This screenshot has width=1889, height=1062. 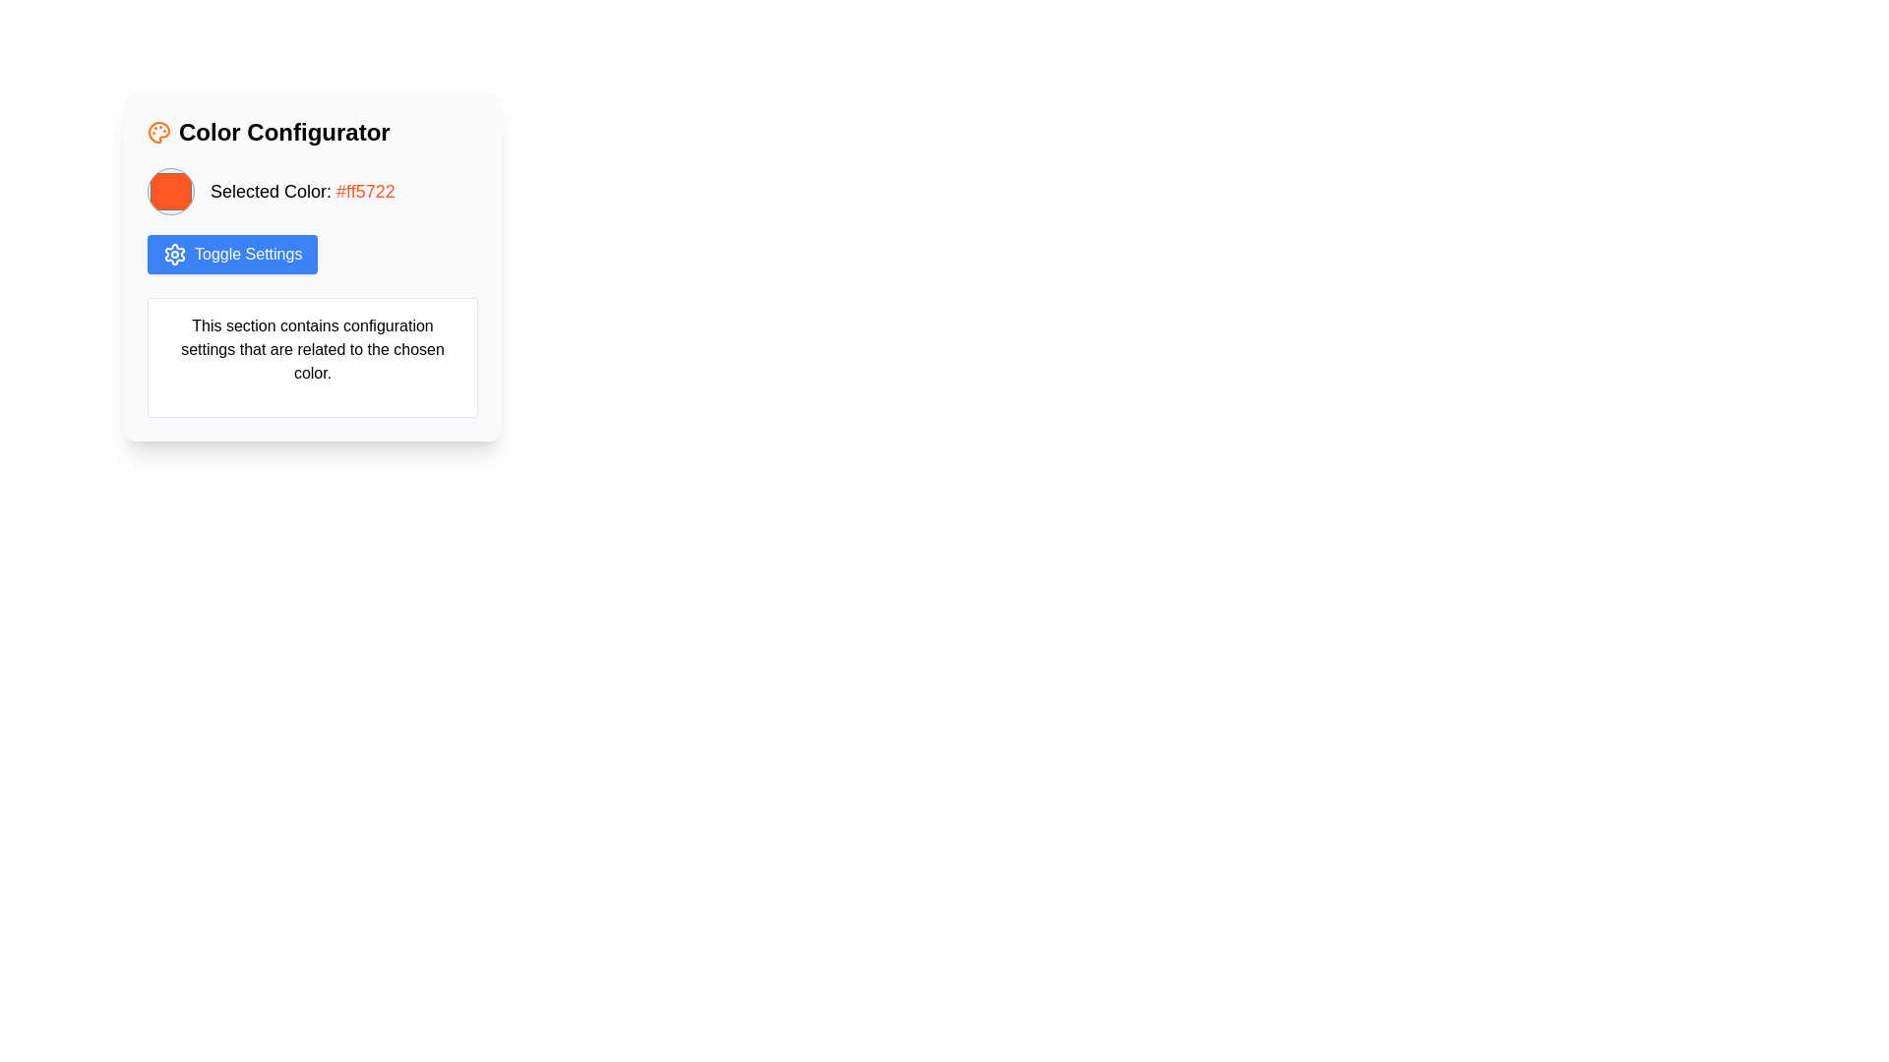 What do you see at coordinates (159, 133) in the screenshot?
I see `the 'Color Configurator' icon located at the top-left of the card interface, which precedes the text 'Color Configurator'` at bounding box center [159, 133].